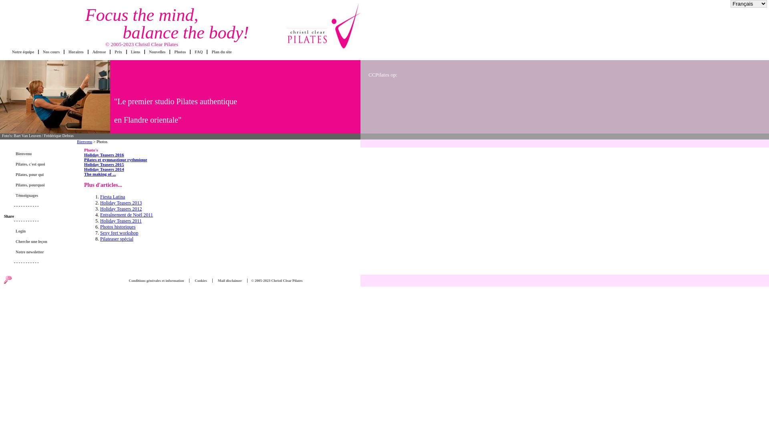 The width and height of the screenshot is (769, 433). I want to click on 'Pilates et gymnastique rythmique', so click(115, 159).